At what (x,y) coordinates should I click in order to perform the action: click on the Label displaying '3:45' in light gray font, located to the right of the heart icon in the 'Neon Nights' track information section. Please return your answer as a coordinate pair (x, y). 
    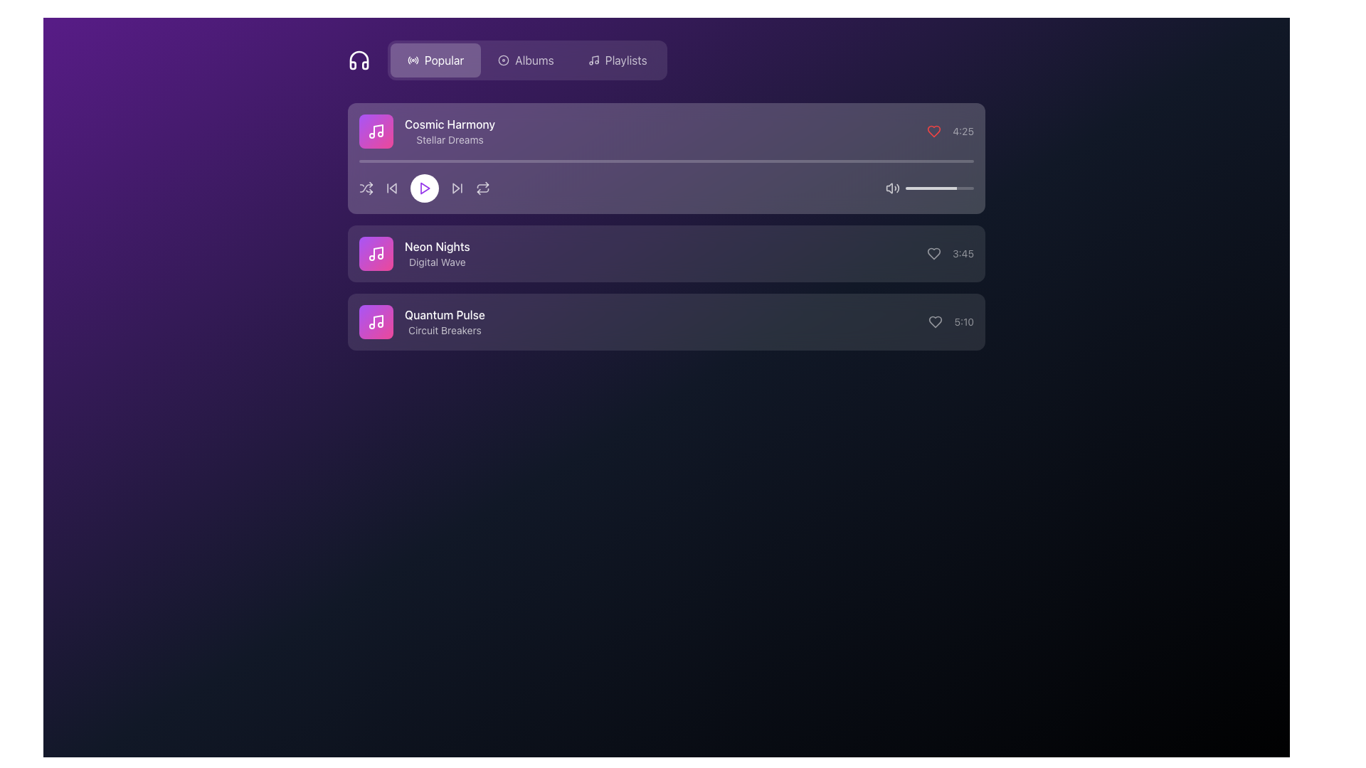
    Looking at the image, I should click on (950, 253).